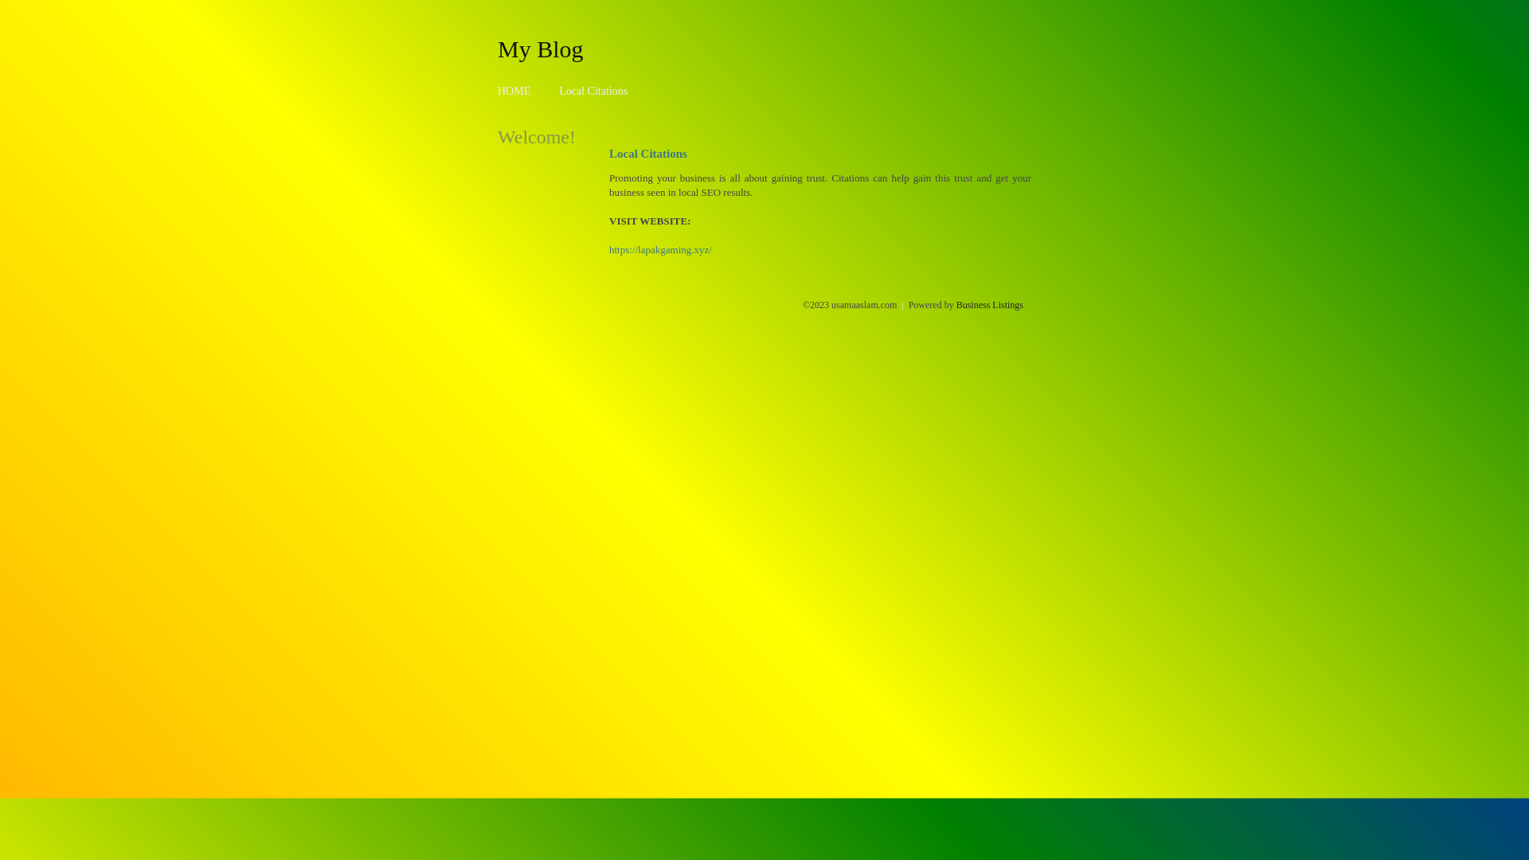 The height and width of the screenshot is (860, 1529). Describe the element at coordinates (608, 249) in the screenshot. I see `'https://lapakgaming.xyz/'` at that location.